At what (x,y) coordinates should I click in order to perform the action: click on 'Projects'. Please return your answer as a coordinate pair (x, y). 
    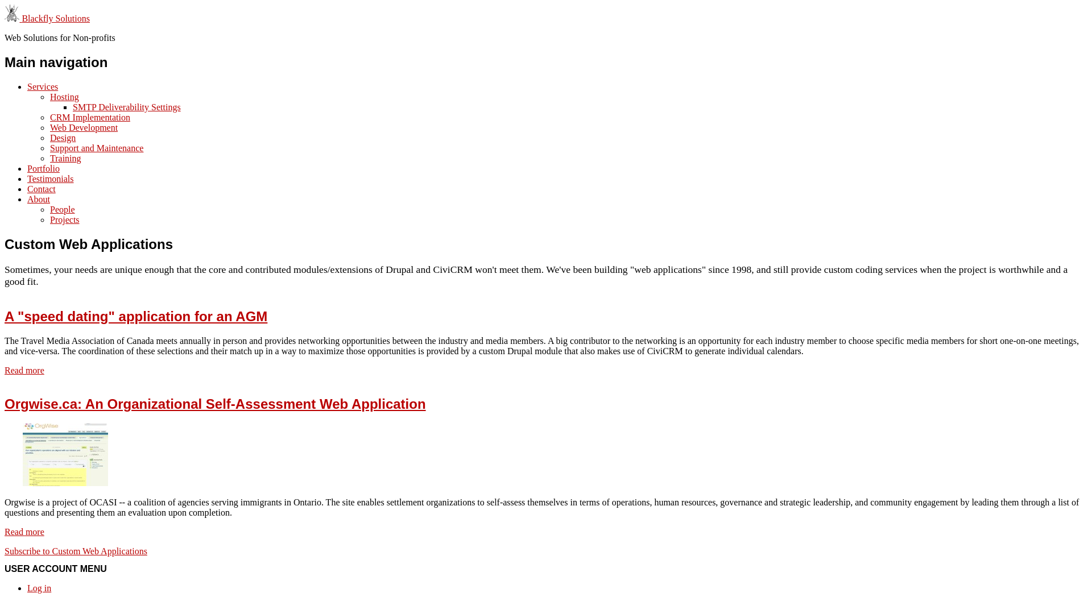
    Looking at the image, I should click on (64, 219).